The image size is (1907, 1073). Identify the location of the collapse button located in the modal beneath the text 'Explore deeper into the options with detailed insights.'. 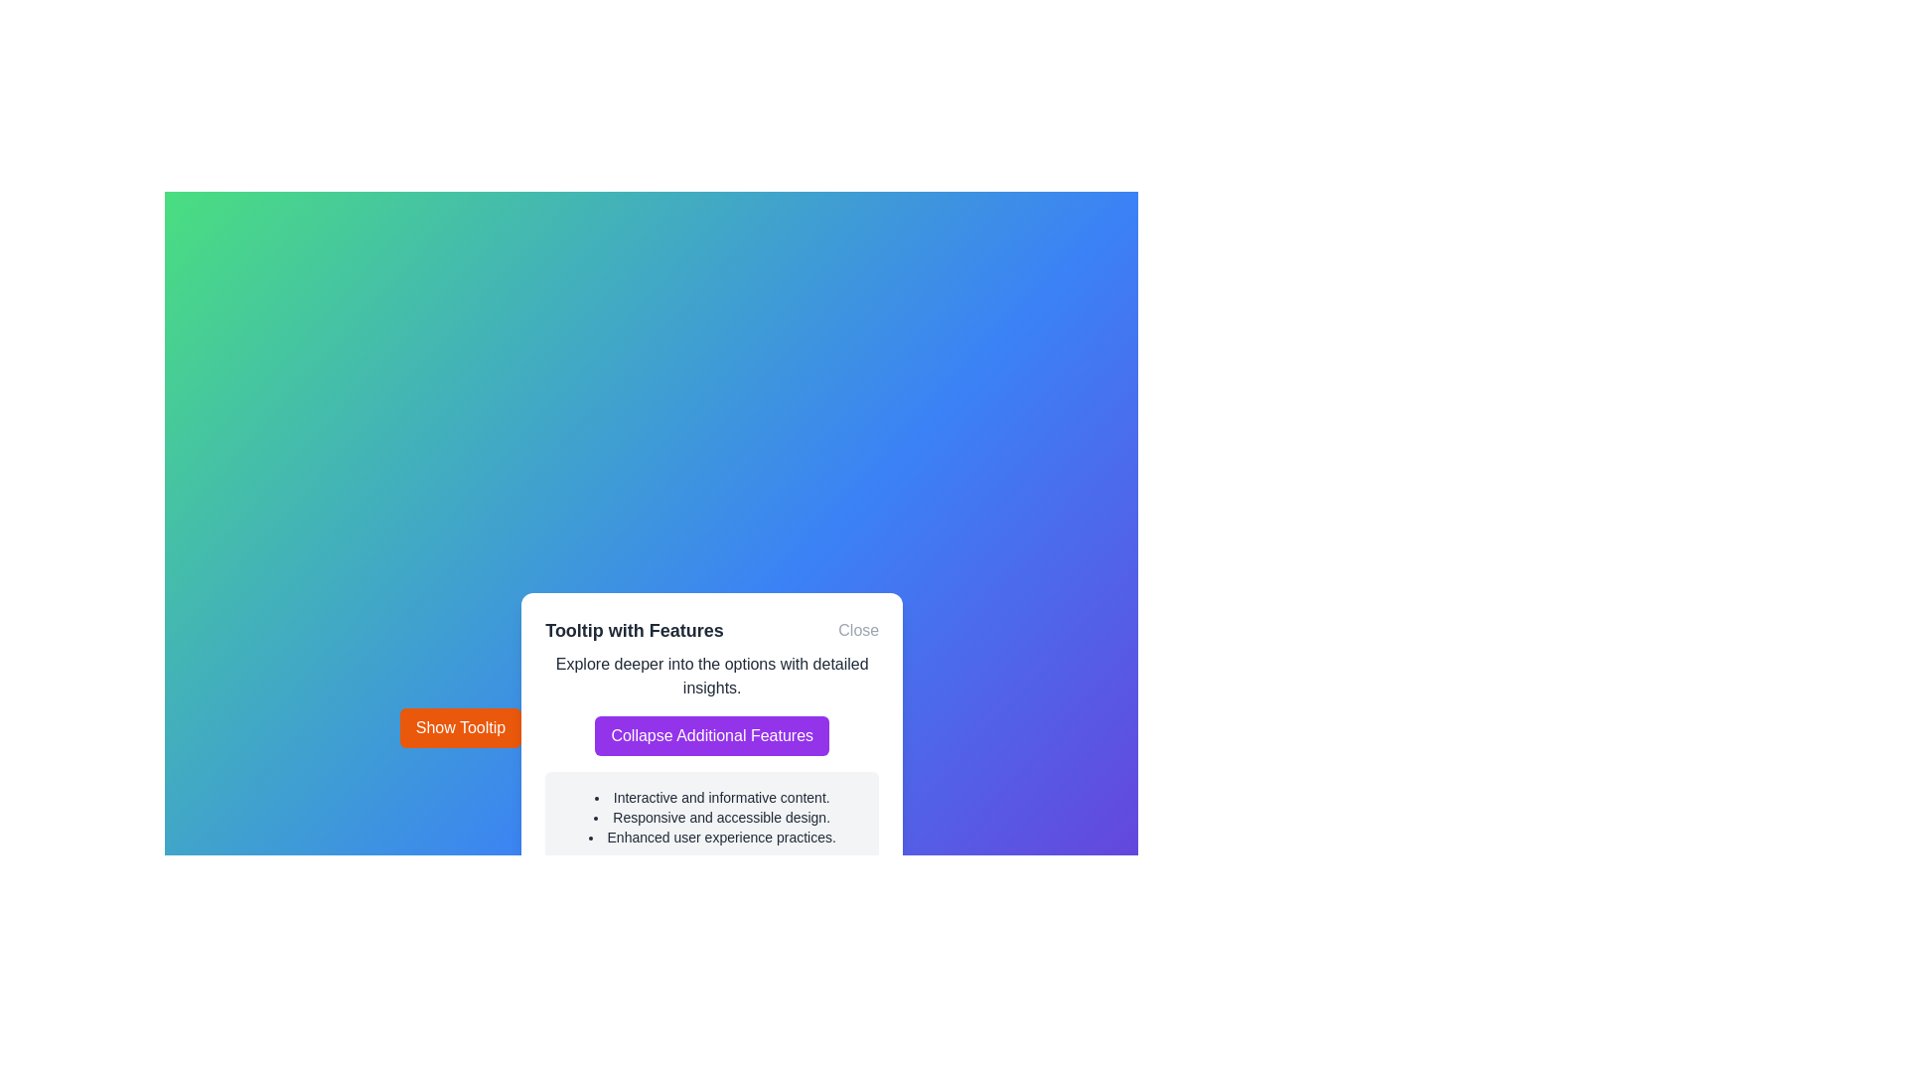
(712, 739).